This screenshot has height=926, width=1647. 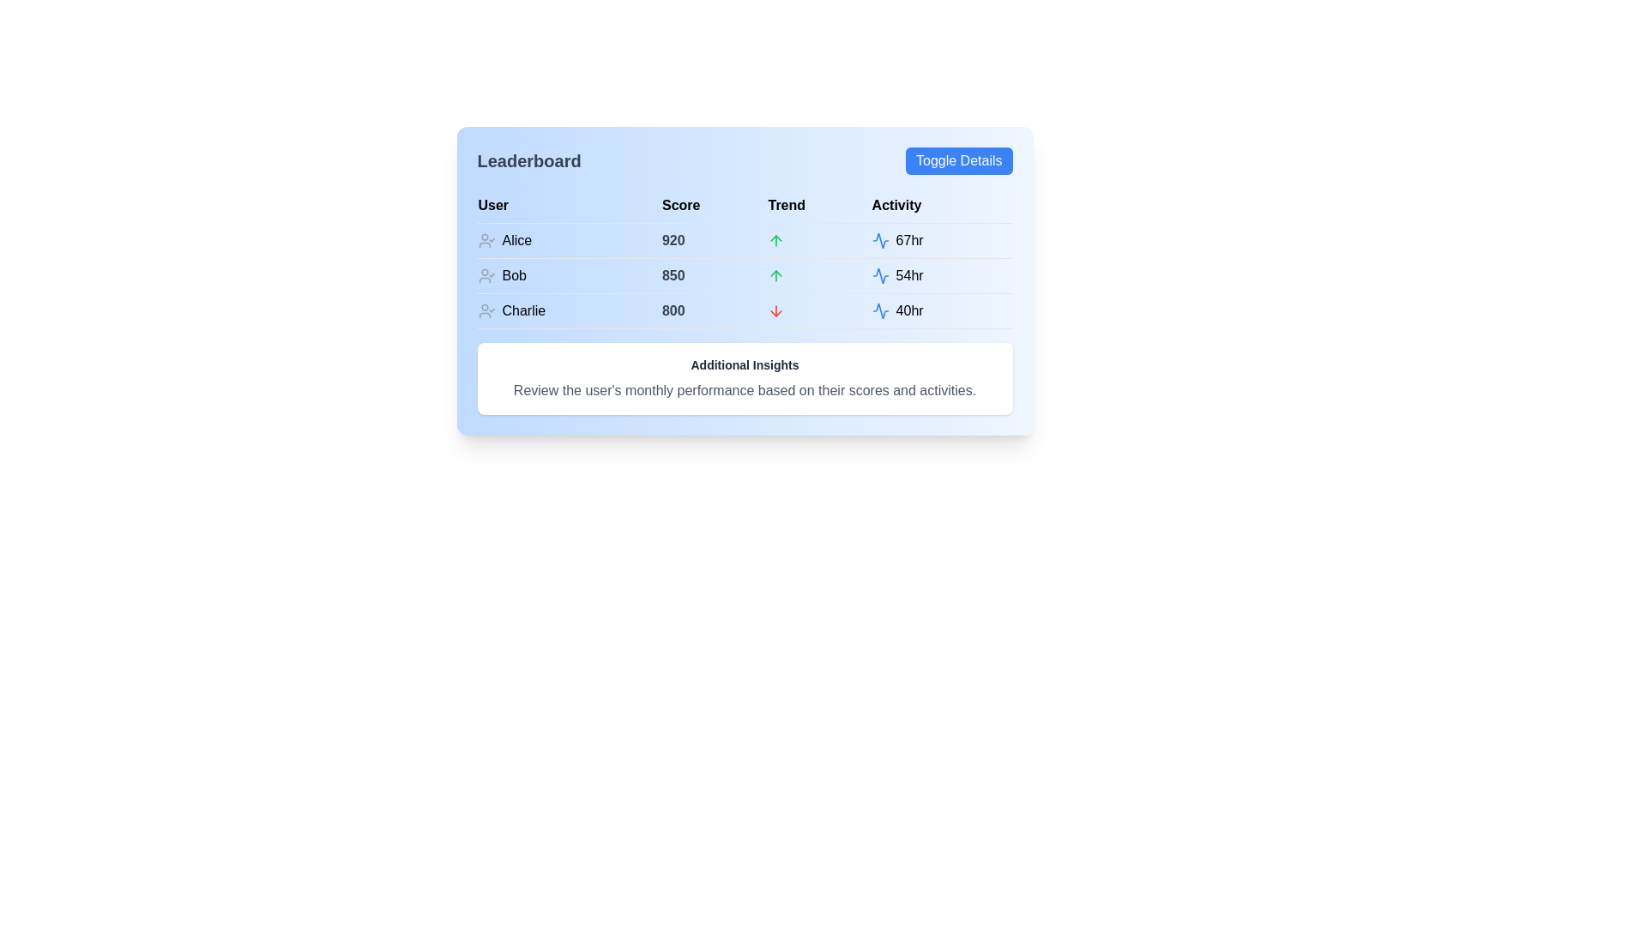 What do you see at coordinates (880, 241) in the screenshot?
I see `the activity icon located in the 'Activity' column of the leaderboard table, which is positioned to the immediate left of the text '67hr'` at bounding box center [880, 241].